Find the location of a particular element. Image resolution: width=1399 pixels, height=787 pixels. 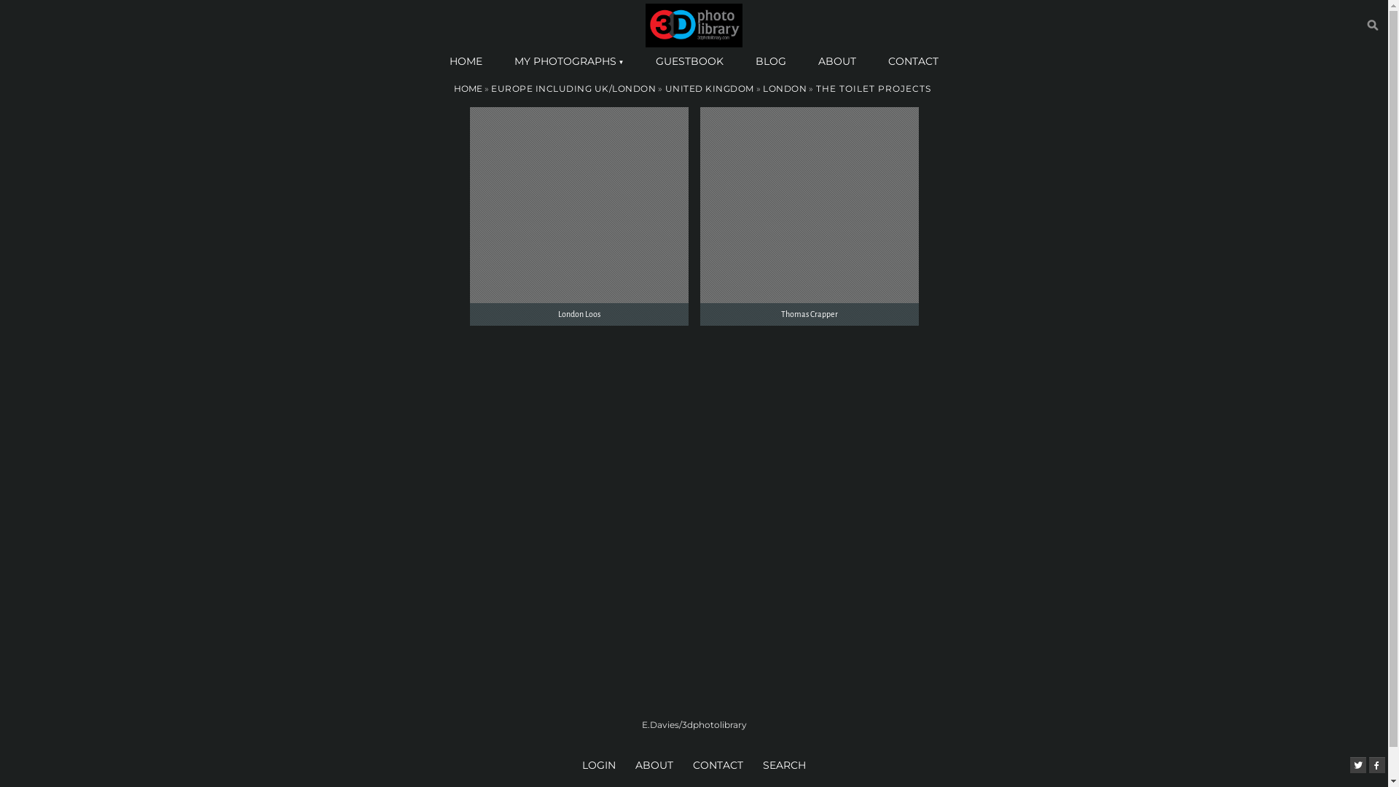

'HOME' is located at coordinates (465, 60).